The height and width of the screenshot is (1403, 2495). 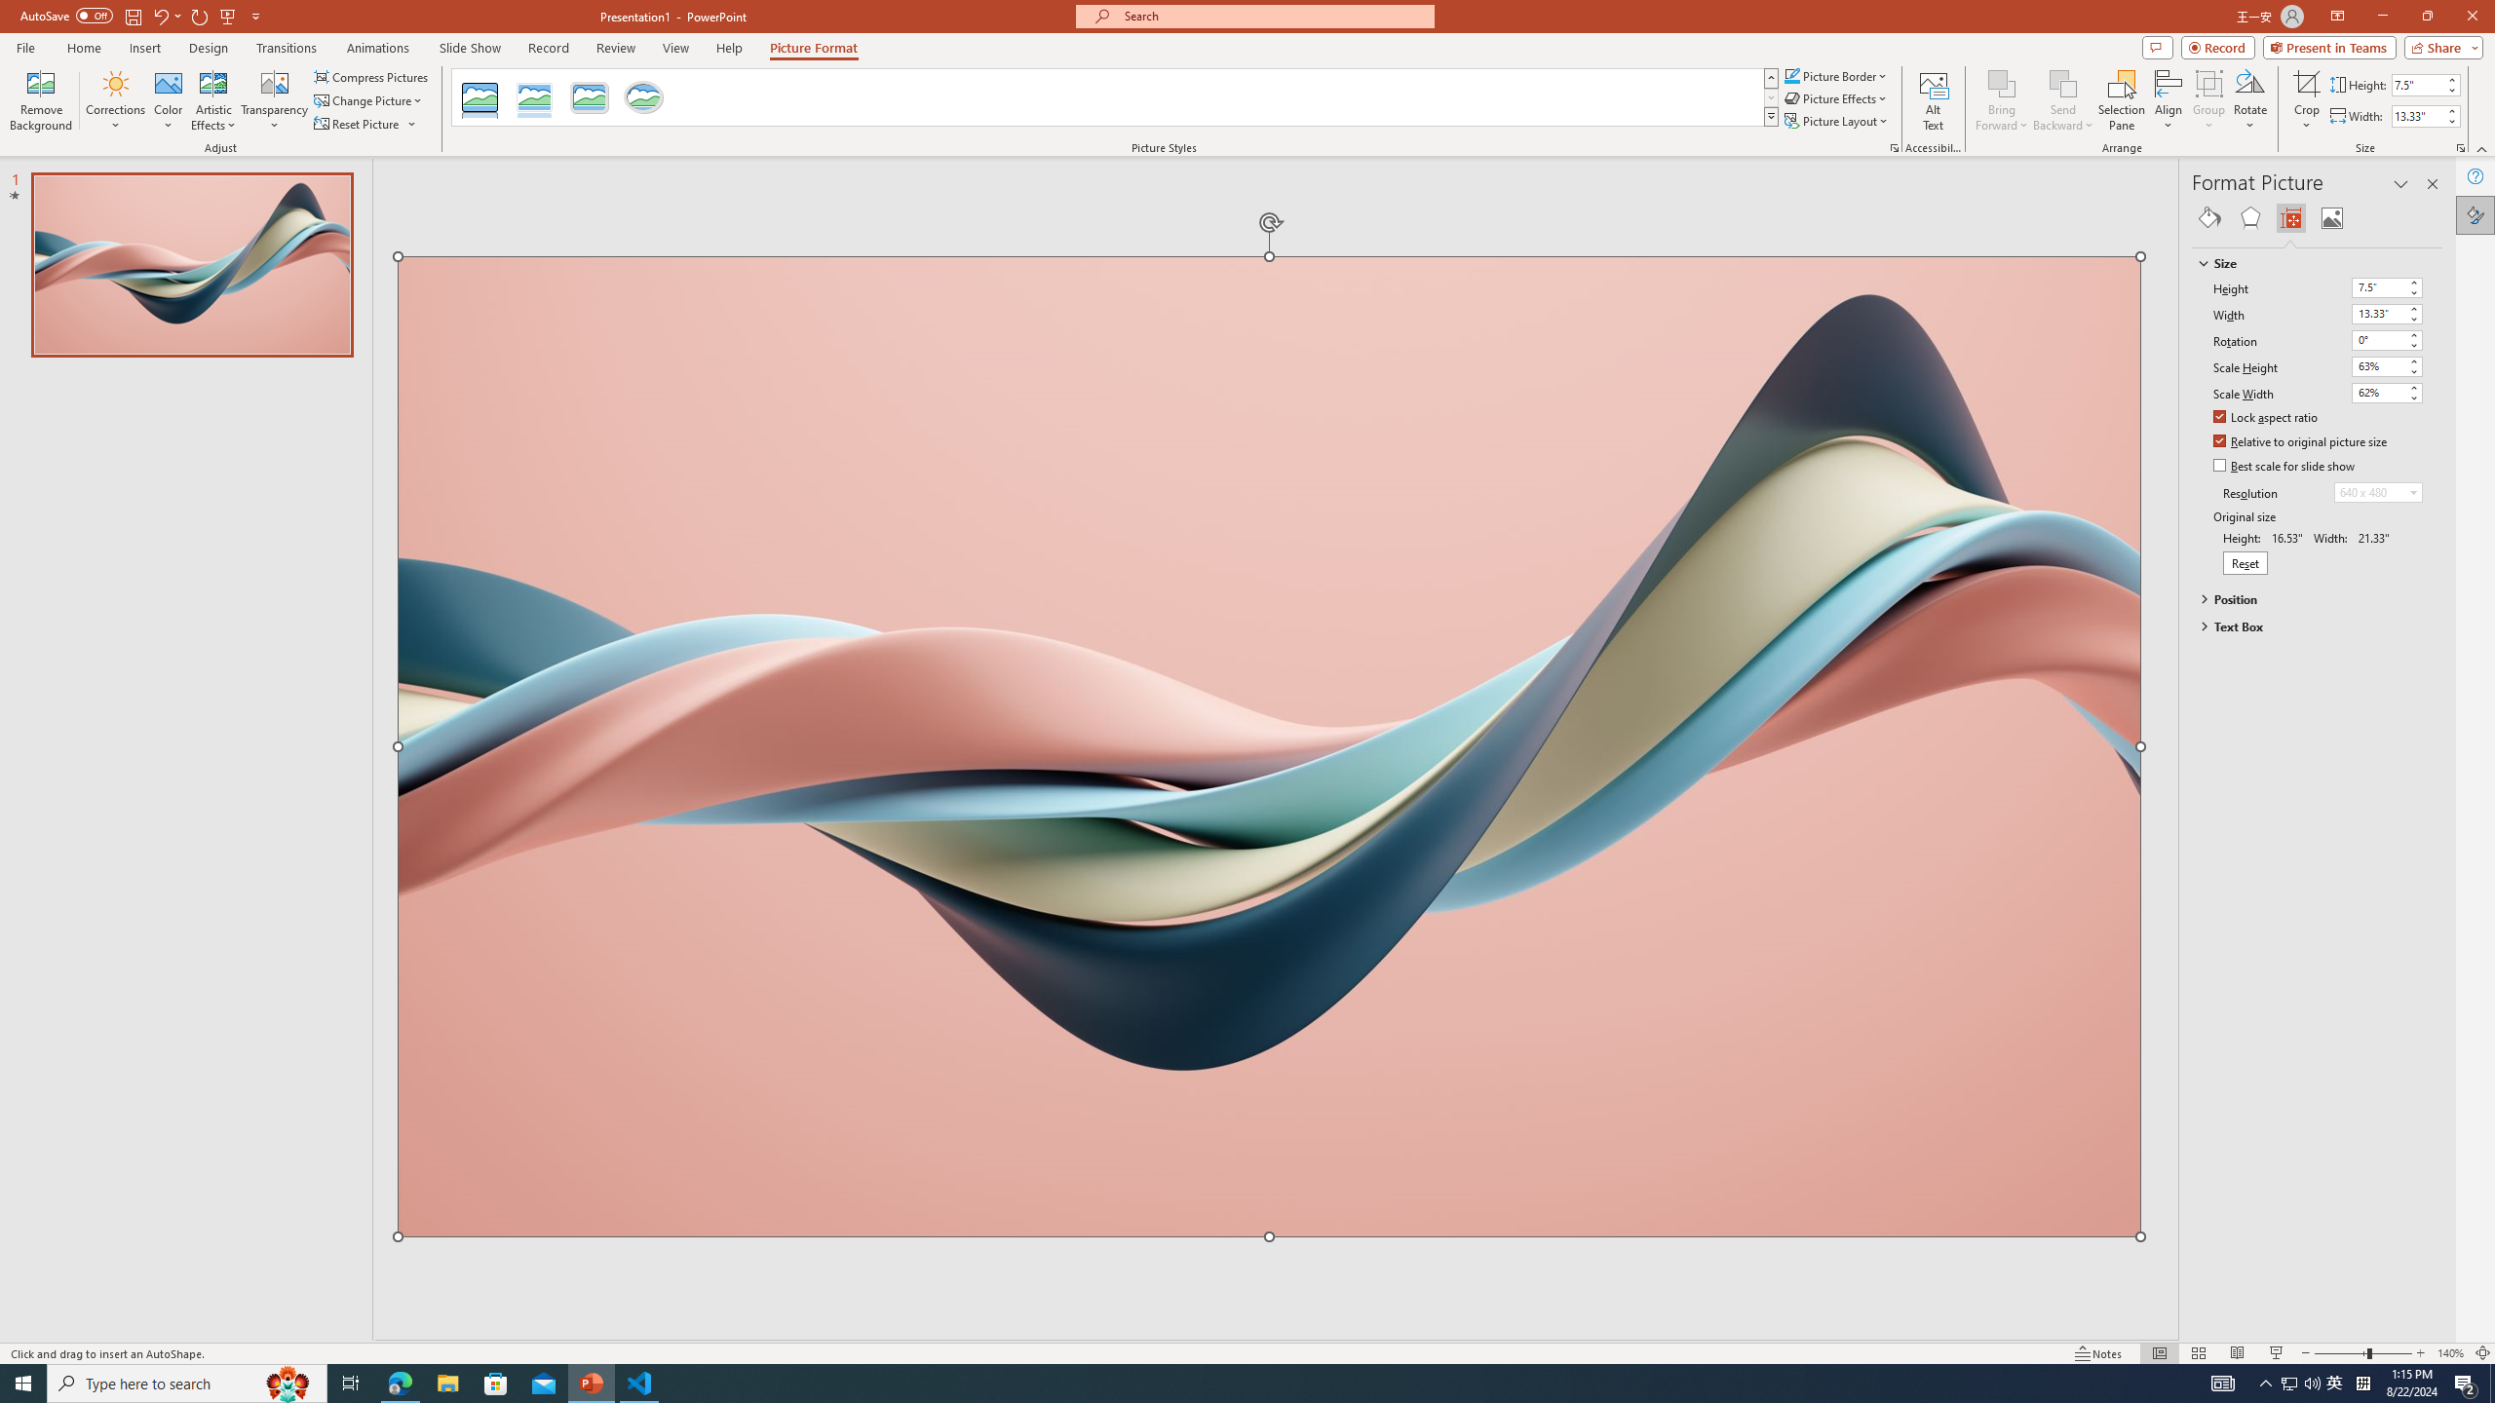 What do you see at coordinates (2002, 82) in the screenshot?
I see `'Bring Forward'` at bounding box center [2002, 82].